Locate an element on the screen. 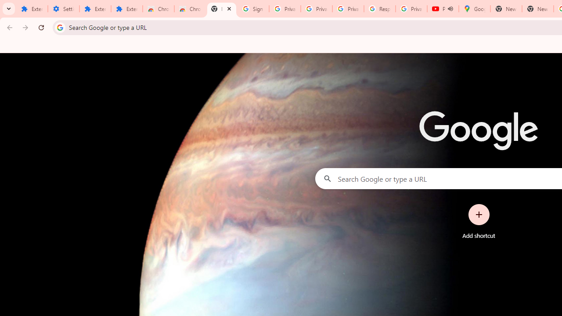 This screenshot has width=562, height=316. 'Chrome Web Store' is located at coordinates (158, 9).